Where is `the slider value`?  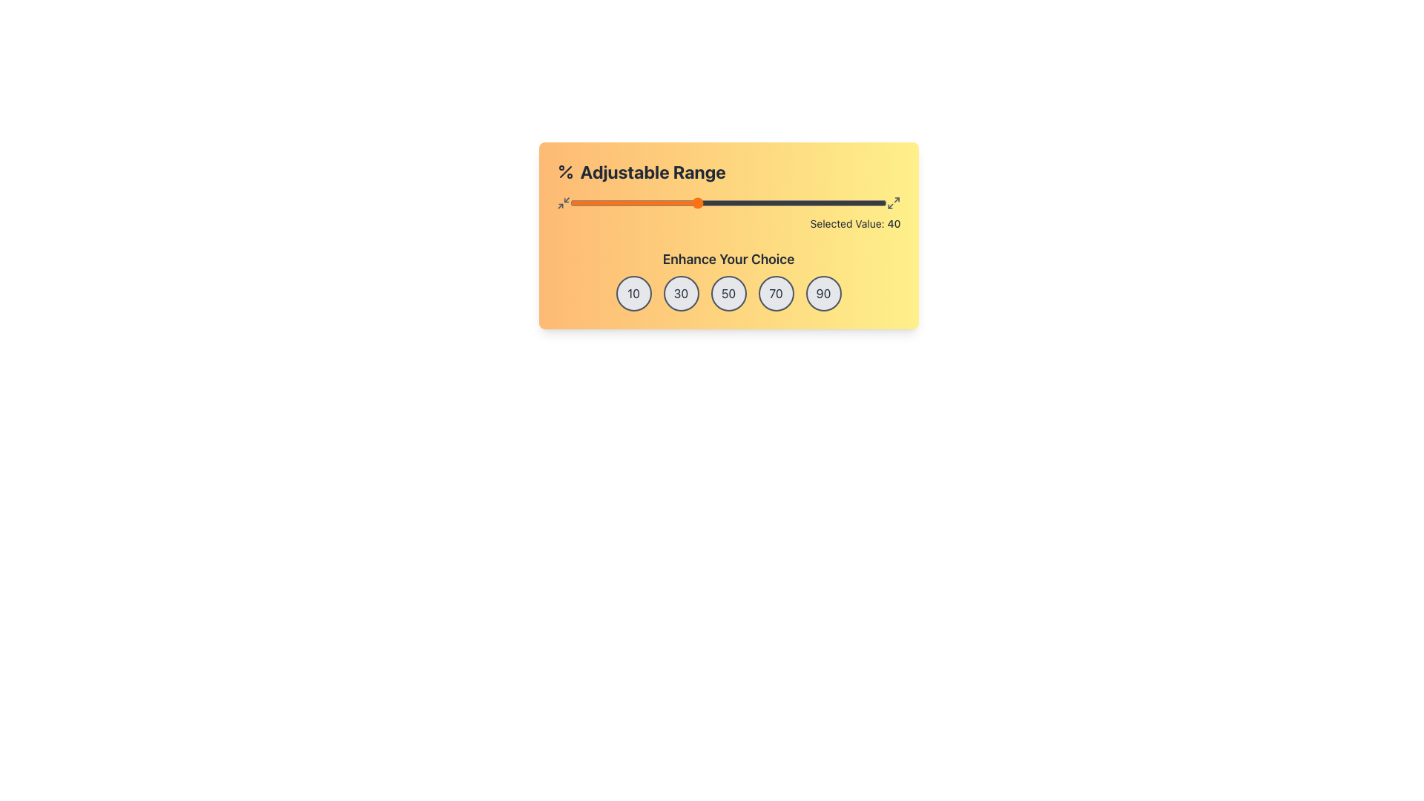
the slider value is located at coordinates (699, 202).